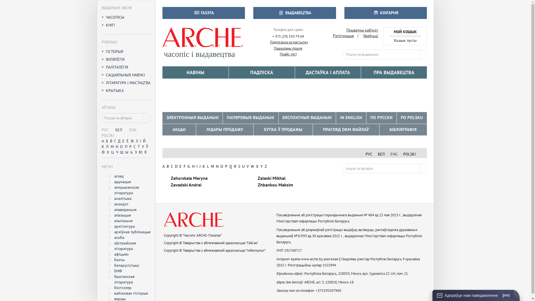 The width and height of the screenshot is (535, 301). What do you see at coordinates (403, 154) in the screenshot?
I see `'POLSKI'` at bounding box center [403, 154].